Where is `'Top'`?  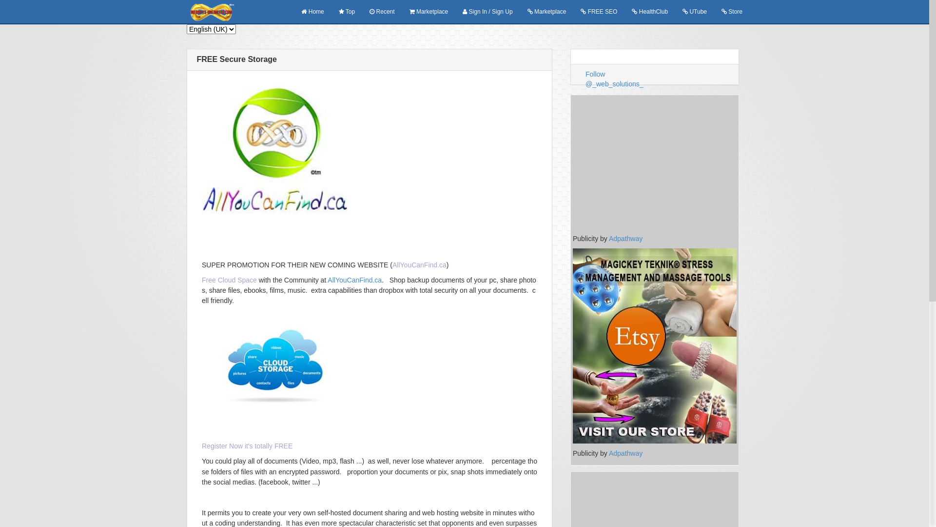
'Top' is located at coordinates (347, 11).